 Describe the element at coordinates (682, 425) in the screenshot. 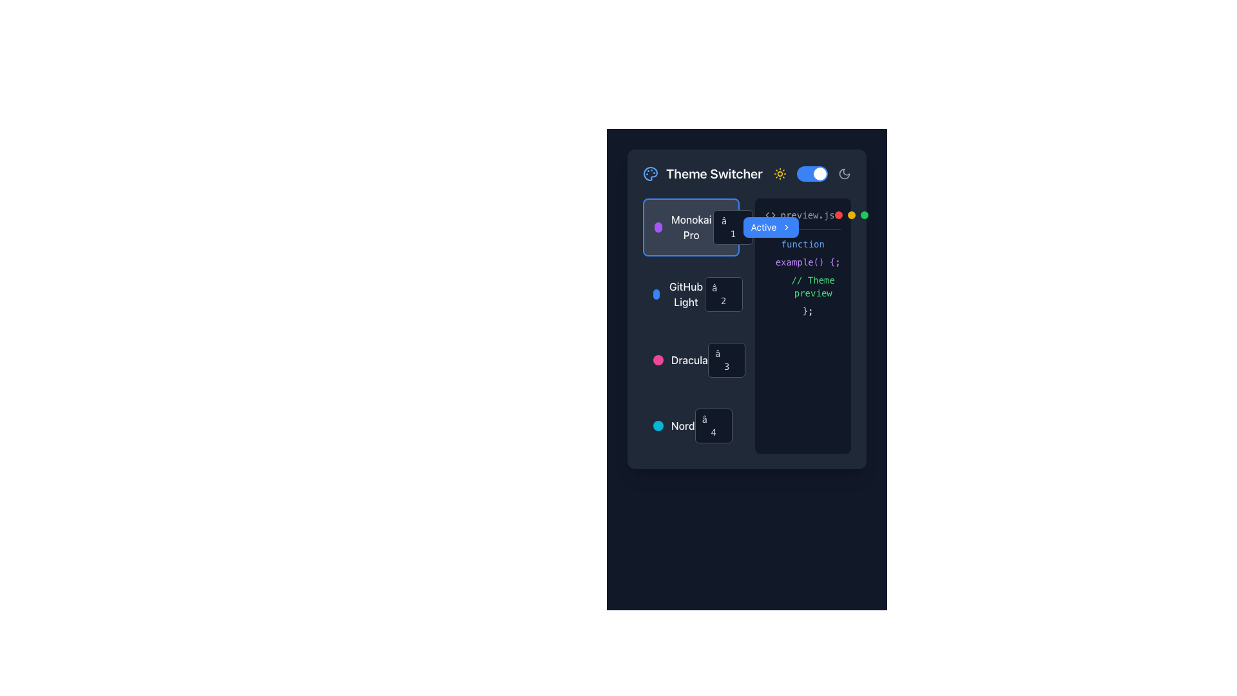

I see `the 'Nord' theme label in the Theme Switcher interface, which is the fourth entry in the vertical list of theme options` at that location.